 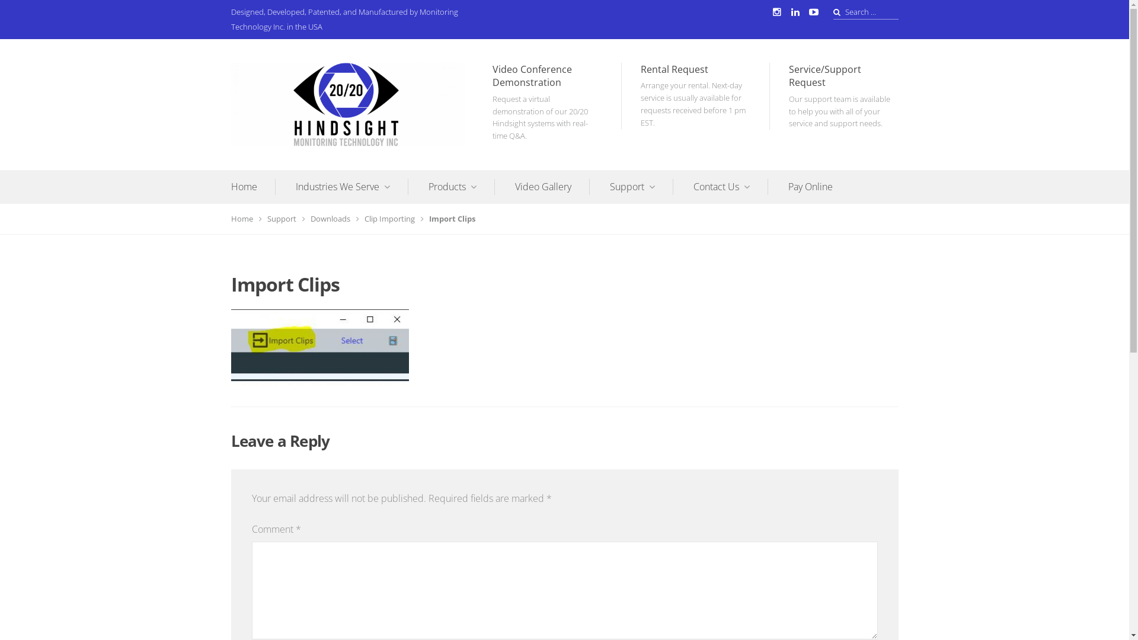 I want to click on 'Support', so click(x=285, y=219).